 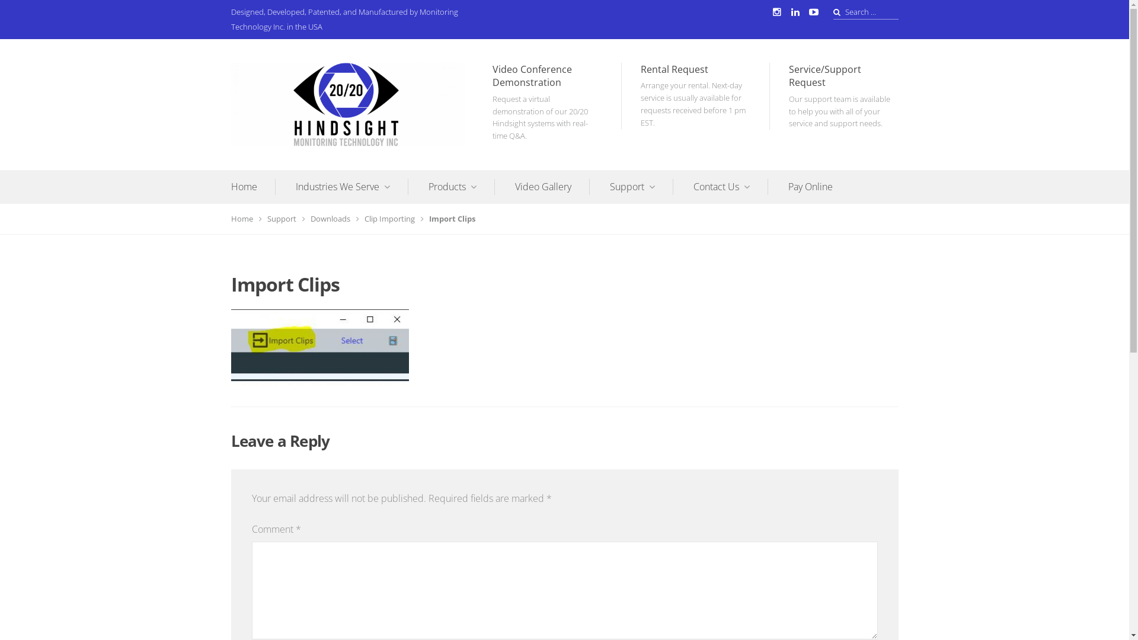 I want to click on 'Support', so click(x=285, y=219).